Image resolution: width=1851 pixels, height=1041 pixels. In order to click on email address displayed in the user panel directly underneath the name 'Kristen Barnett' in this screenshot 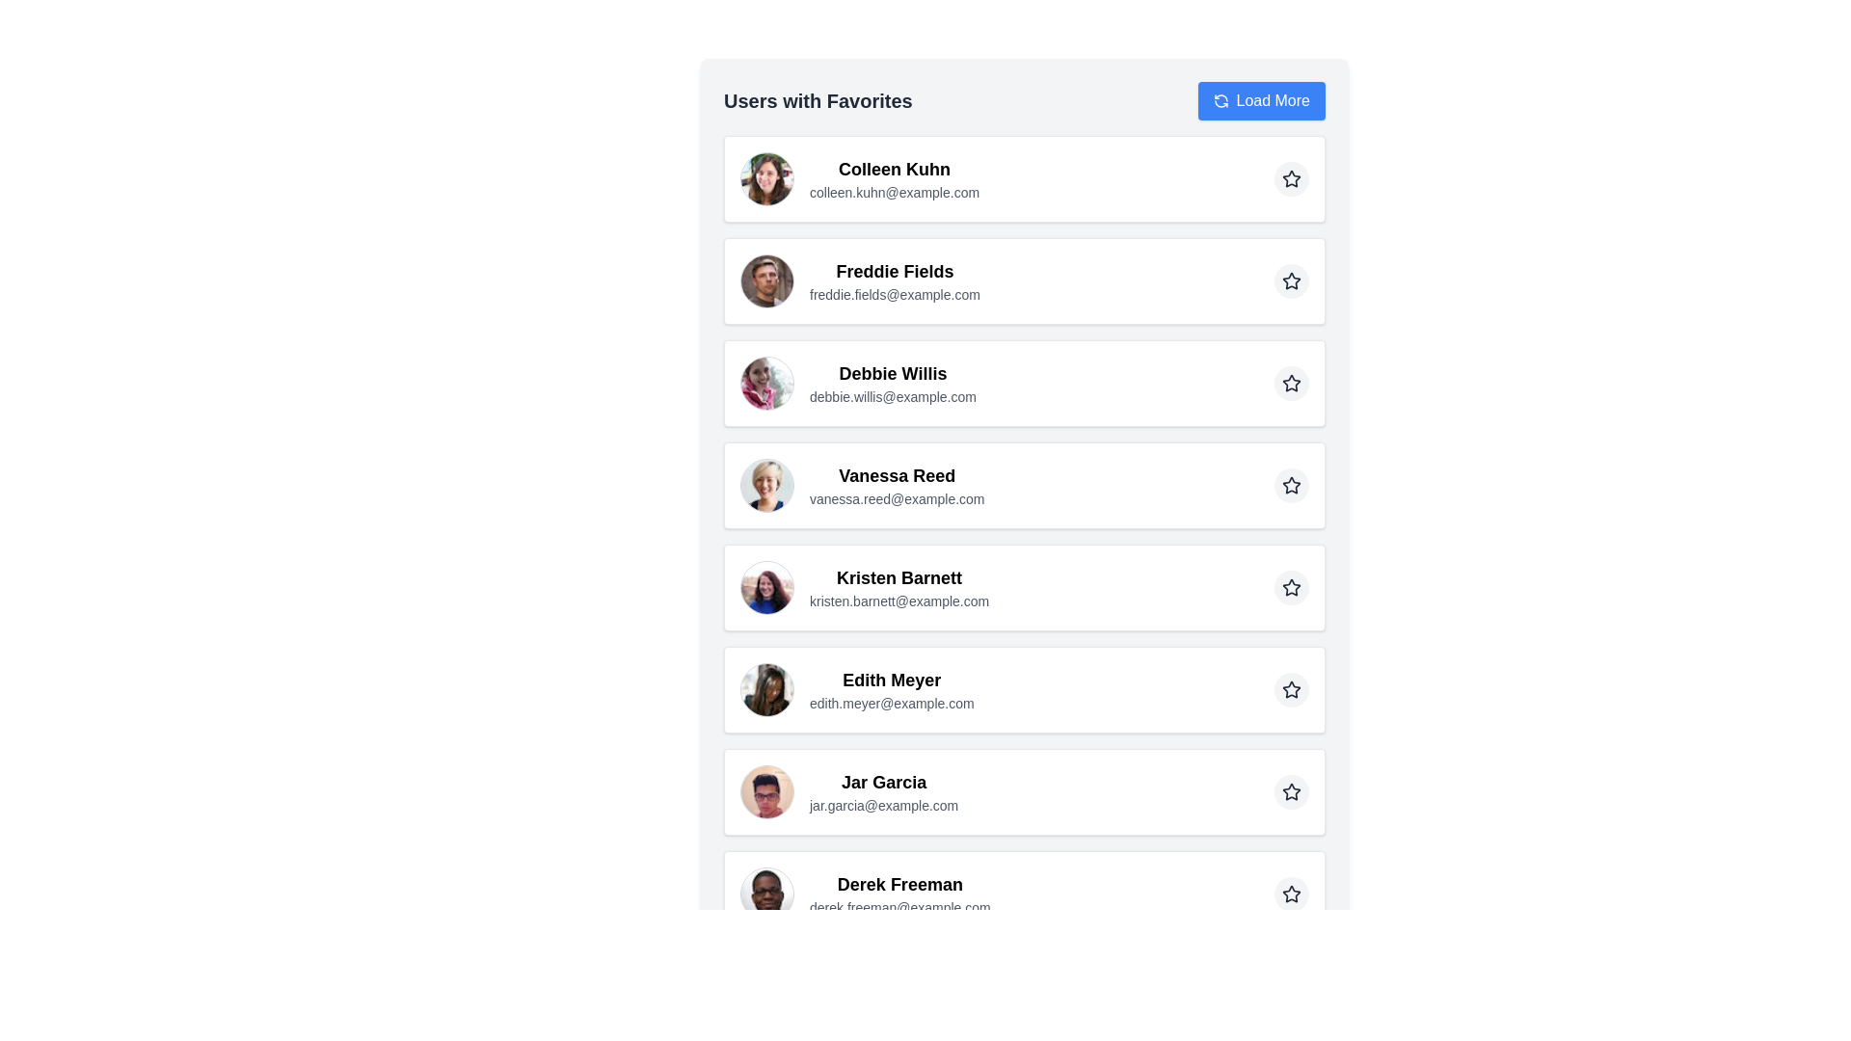, I will do `click(899, 601)`.